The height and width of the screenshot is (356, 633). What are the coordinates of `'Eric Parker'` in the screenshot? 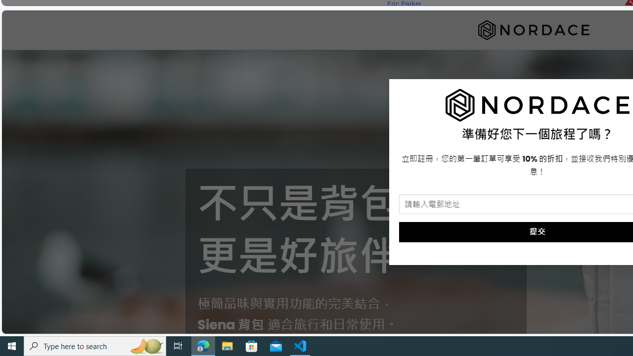 It's located at (404, 4).